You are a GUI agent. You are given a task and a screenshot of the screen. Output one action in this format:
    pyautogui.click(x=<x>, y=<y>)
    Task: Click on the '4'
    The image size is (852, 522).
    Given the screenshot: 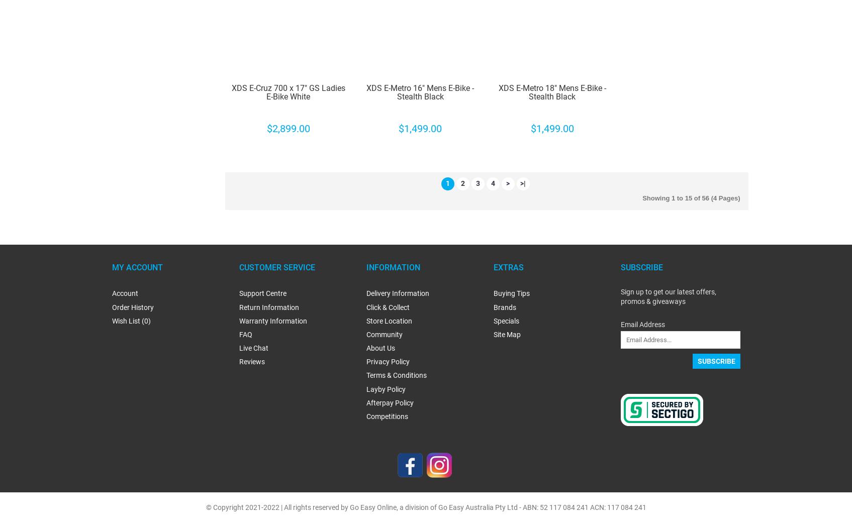 What is the action you would take?
    pyautogui.click(x=492, y=183)
    